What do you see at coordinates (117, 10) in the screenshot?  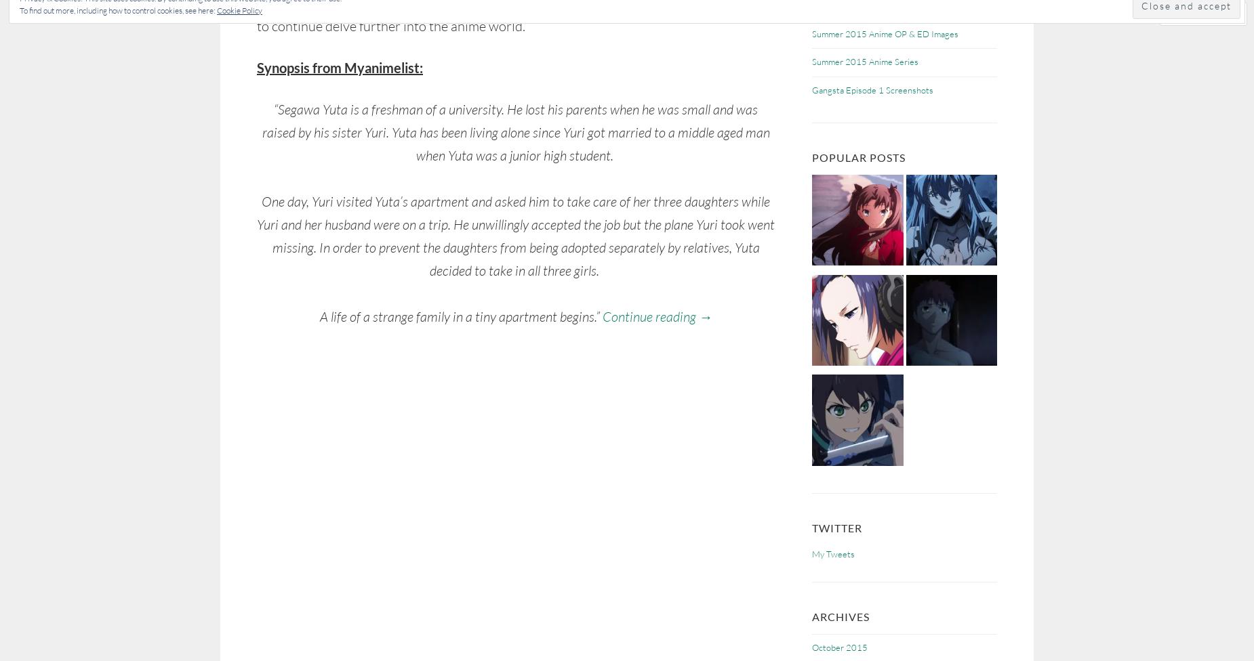 I see `'To find out more, including how to control cookies, see here:'` at bounding box center [117, 10].